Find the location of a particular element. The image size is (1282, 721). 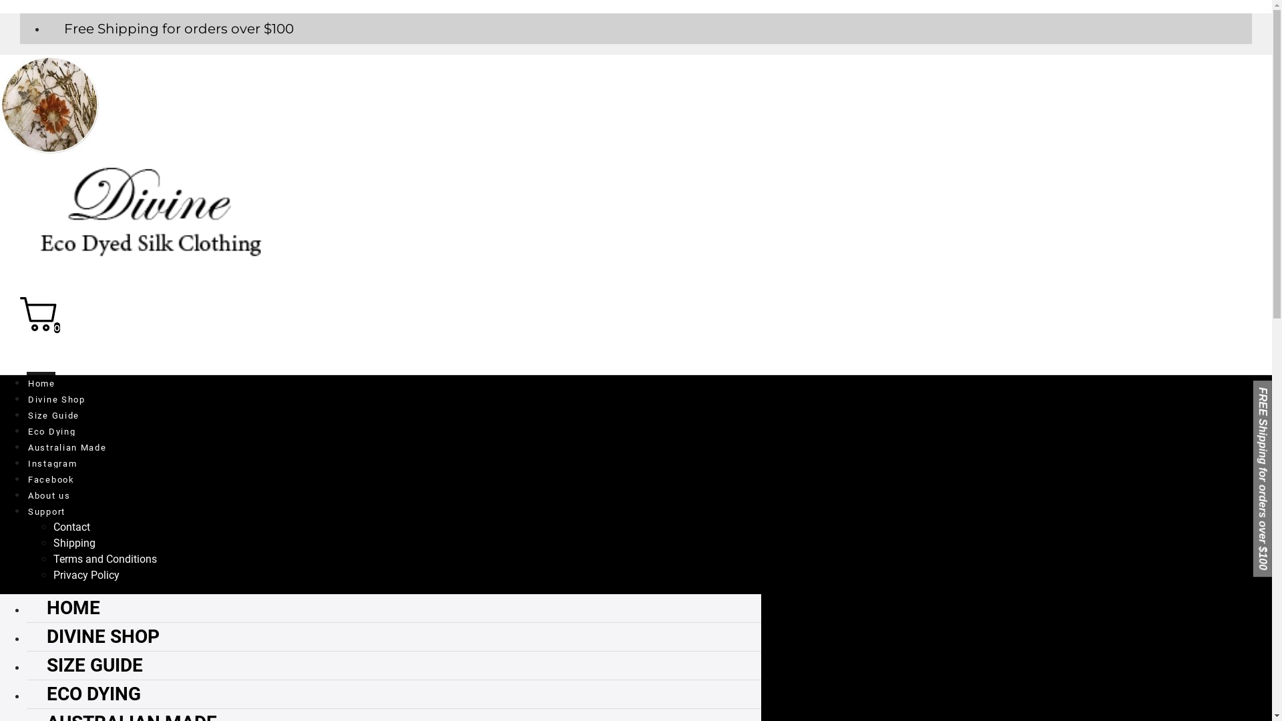

'Terms and Conditions' is located at coordinates (104, 559).